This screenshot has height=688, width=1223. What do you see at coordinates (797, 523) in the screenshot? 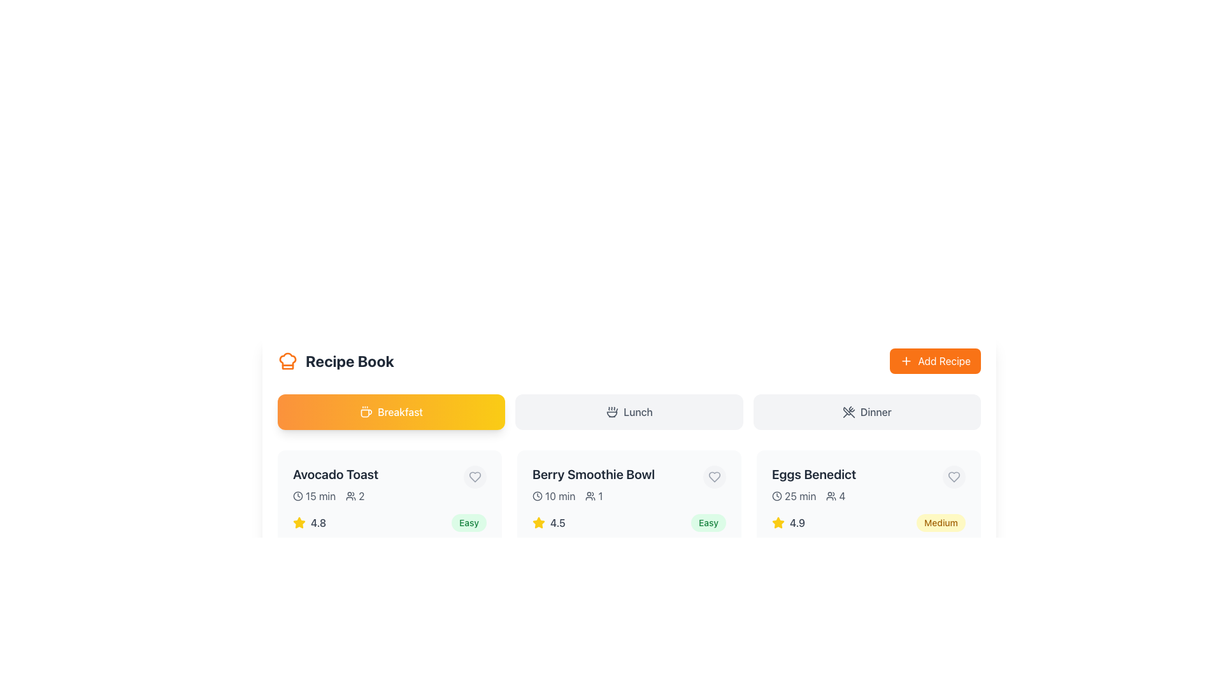
I see `the text label displaying the rating value '4.9' in a medium-sized, gray-colored font, located next to the star icon in the rating section below the 'Eggs Benedict' card` at bounding box center [797, 523].